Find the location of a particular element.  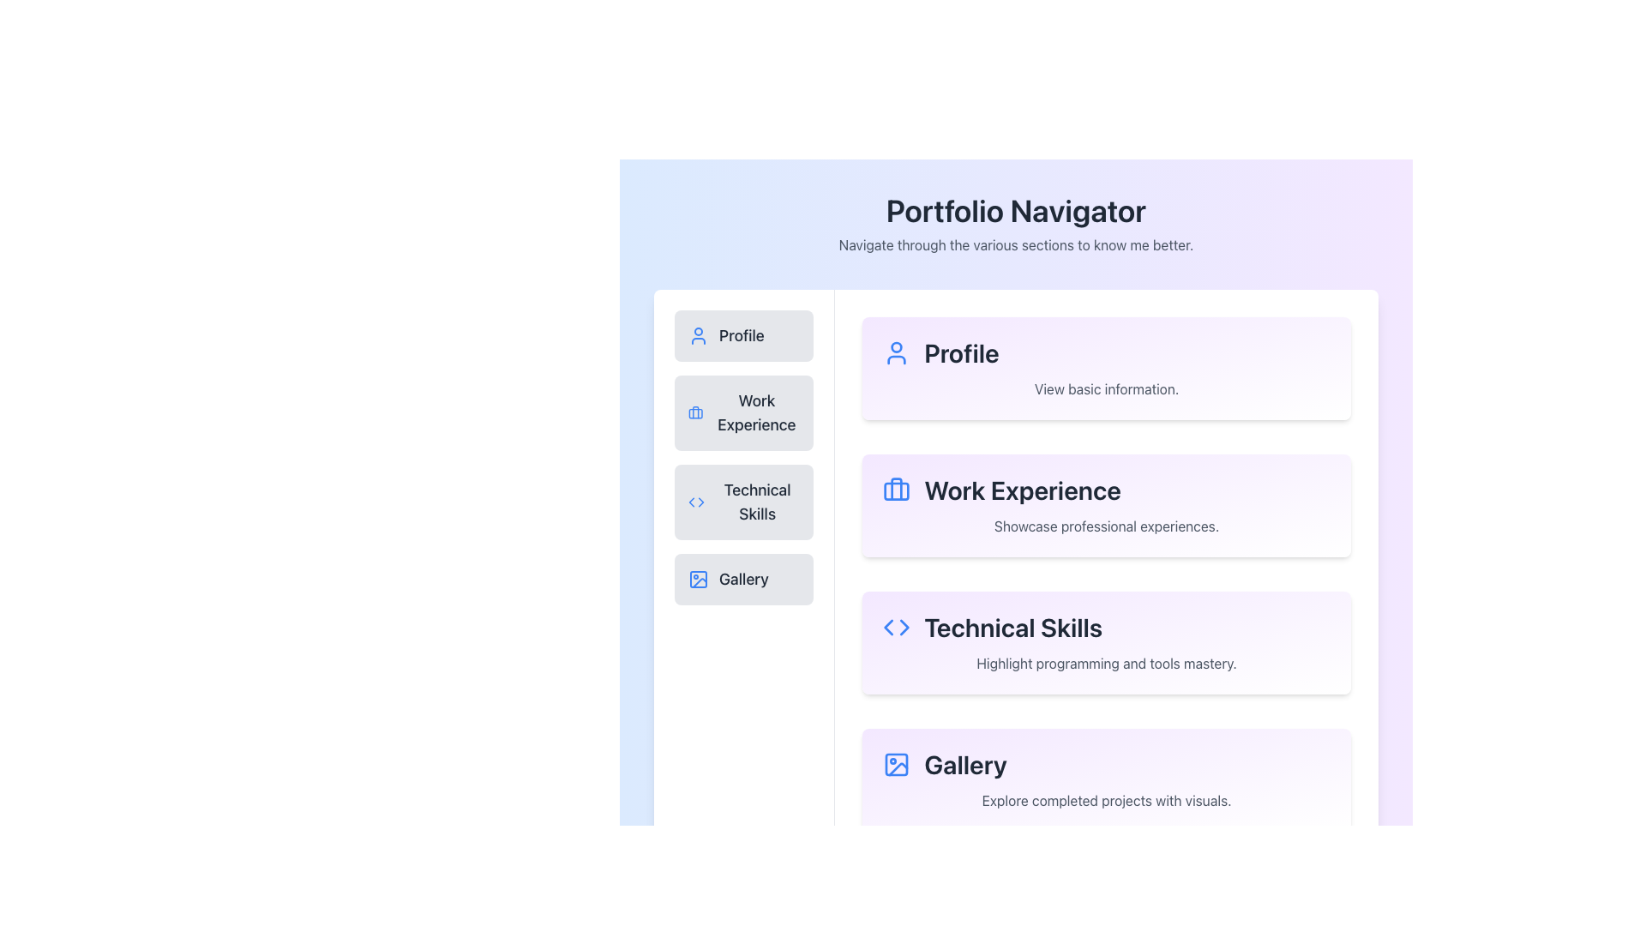

the prominent text header titled 'Portfolio Navigator', which is styled in large, bold, dark font and is centrally located at the top of the page is located at coordinates (1016, 210).